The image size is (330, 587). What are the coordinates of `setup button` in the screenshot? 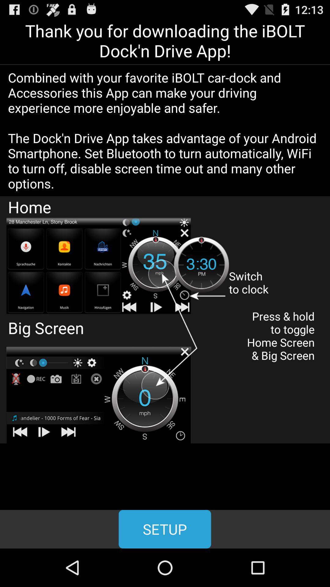 It's located at (164, 529).